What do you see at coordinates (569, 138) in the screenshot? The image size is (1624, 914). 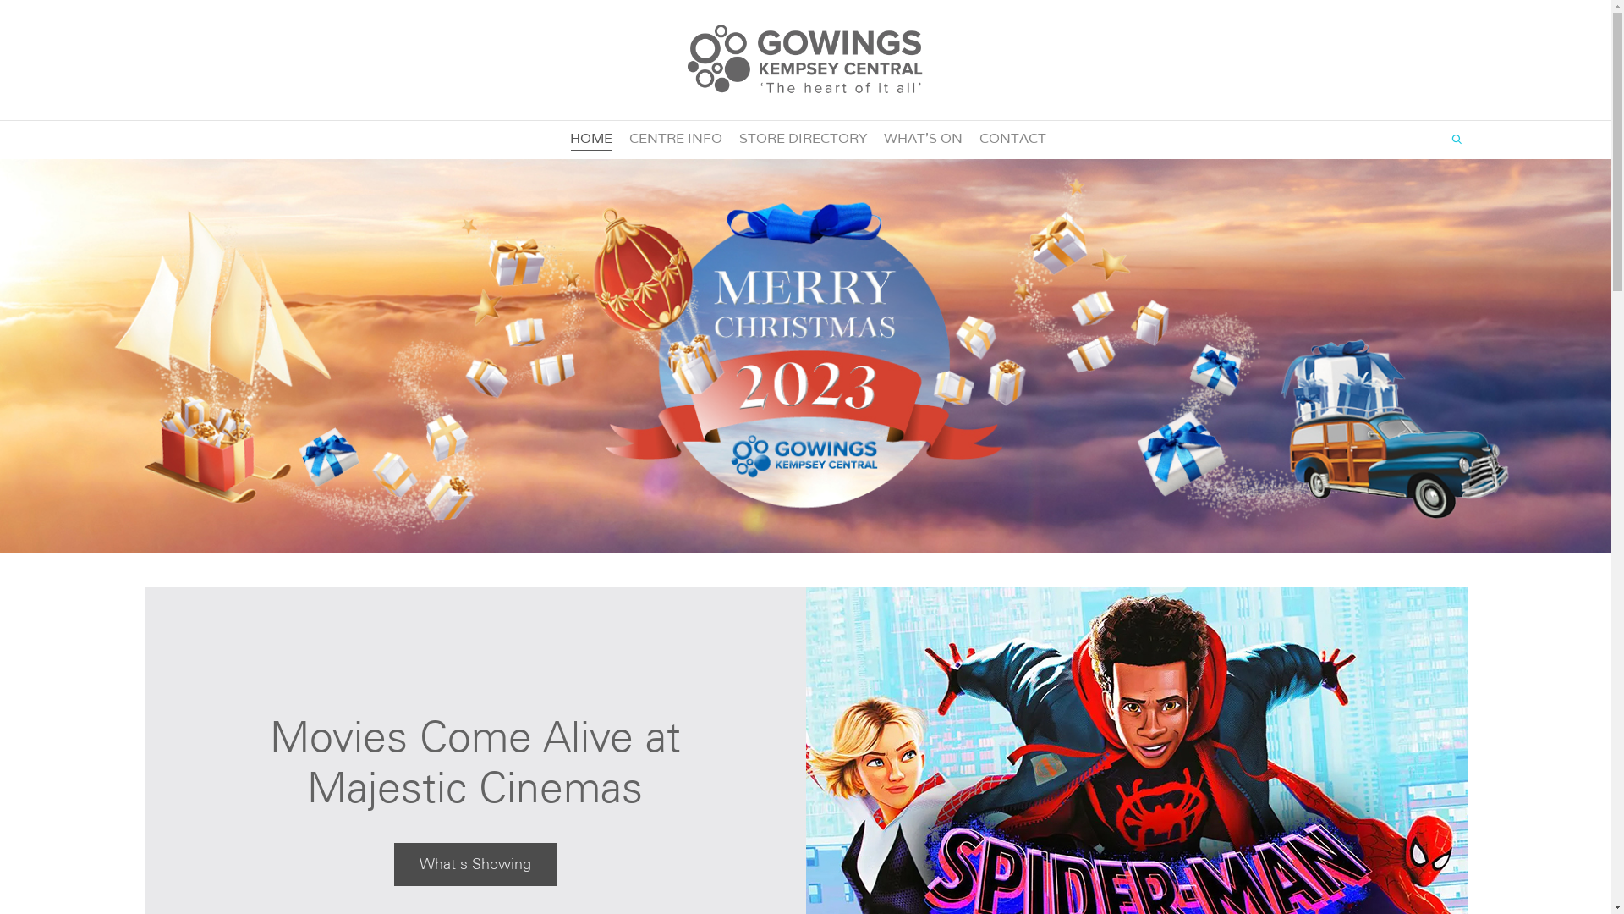 I see `'HOME'` at bounding box center [569, 138].